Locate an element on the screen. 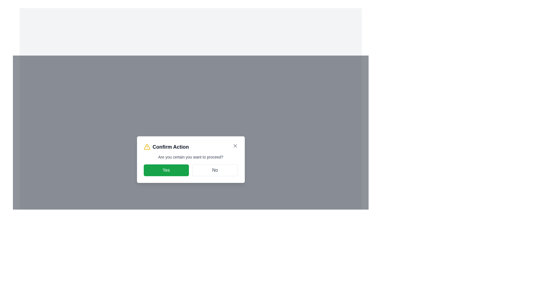  the alert icon located on the left side of the 'Confirm Action' section, adjacent to the text 'Confirm Action' is located at coordinates (147, 147).